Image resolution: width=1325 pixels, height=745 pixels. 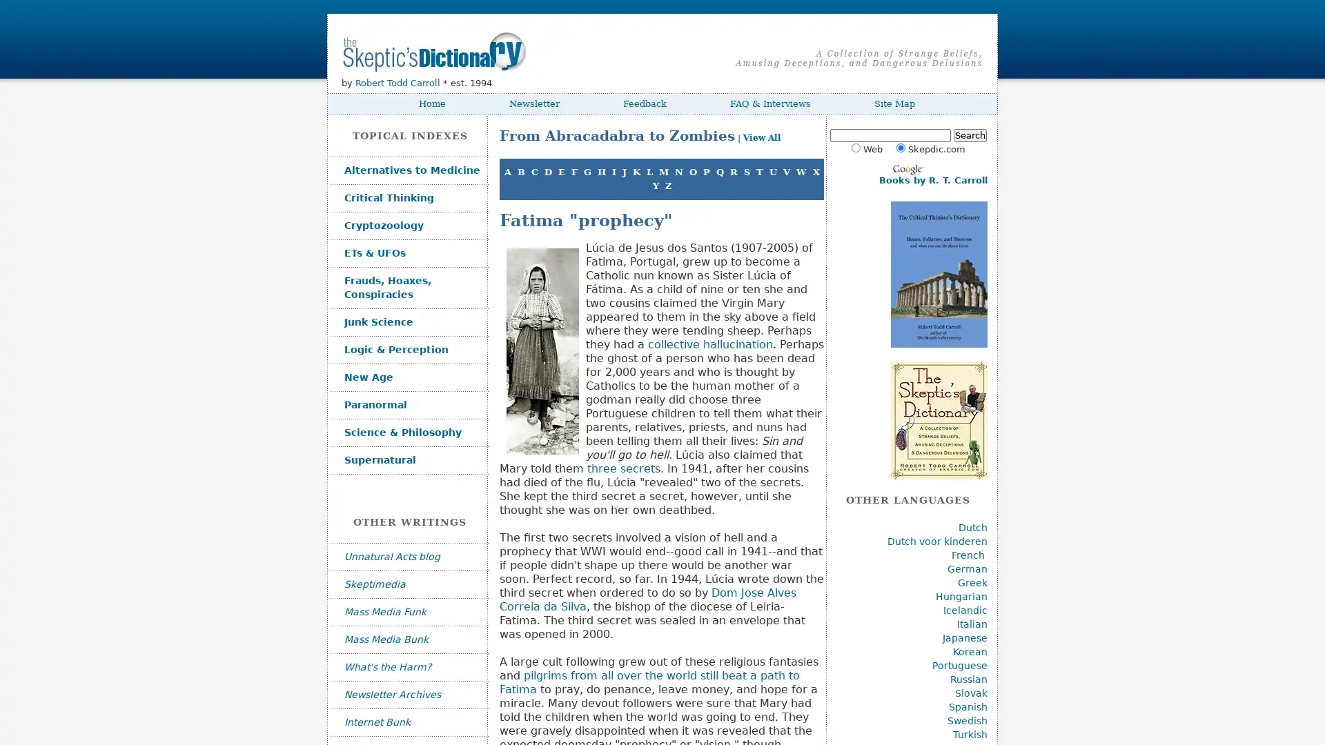 What do you see at coordinates (969, 135) in the screenshot?
I see `Search` at bounding box center [969, 135].